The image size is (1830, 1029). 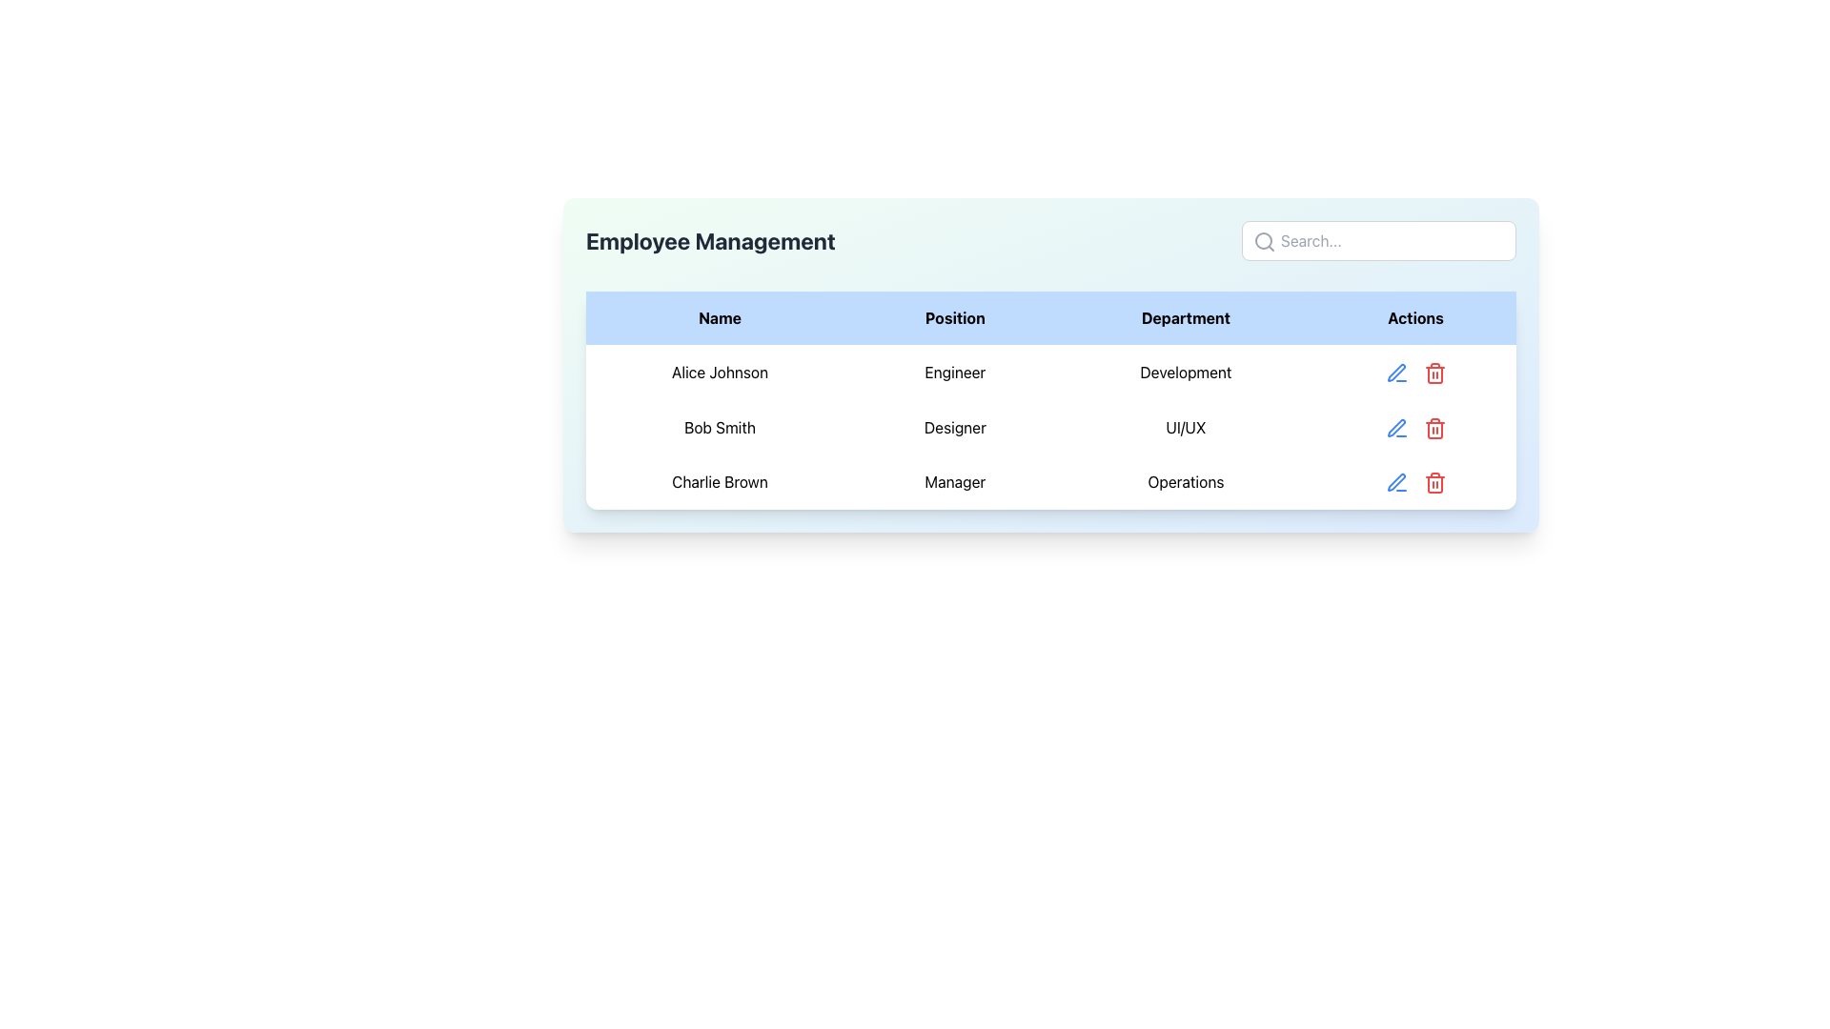 What do you see at coordinates (955, 372) in the screenshot?
I see `the Text Label displaying the job designation of 'Alice Johnson' in the second column of the first row of the table` at bounding box center [955, 372].